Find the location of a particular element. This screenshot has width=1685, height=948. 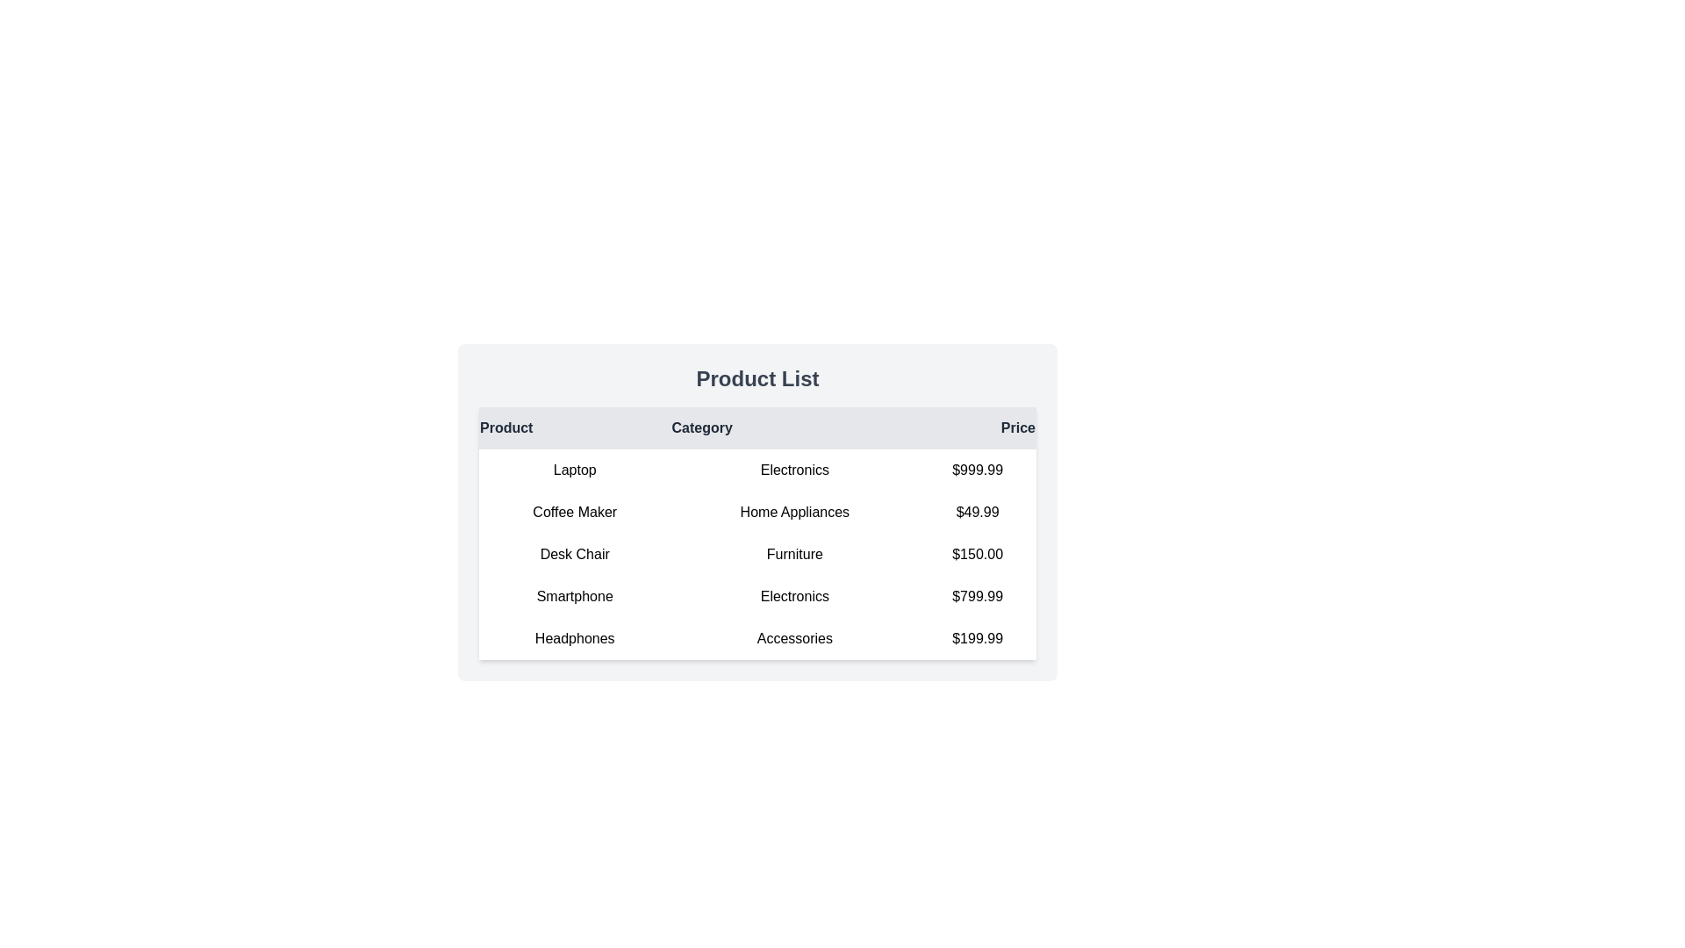

the fourth row of the product list, which displays the label 'Smartphone', category 'Electronics', and price '$799.99' is located at coordinates (757, 595).